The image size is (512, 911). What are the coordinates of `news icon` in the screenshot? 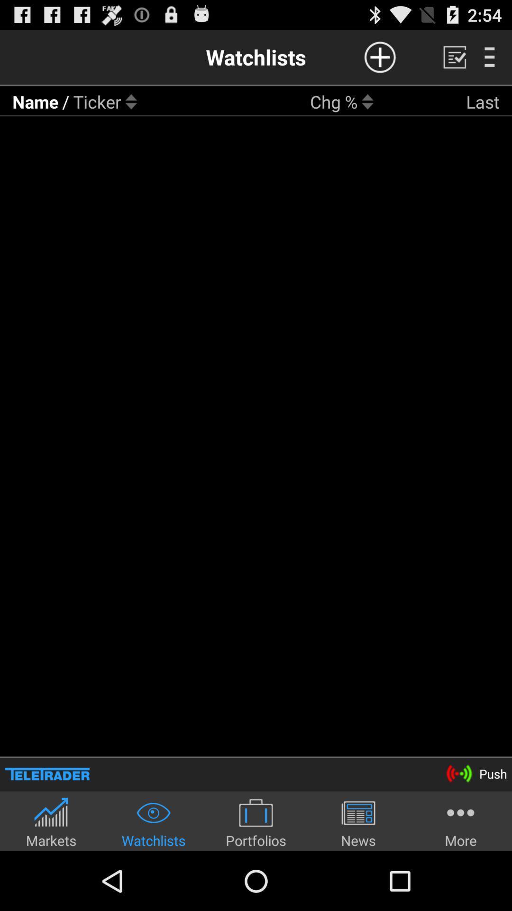 It's located at (358, 822).